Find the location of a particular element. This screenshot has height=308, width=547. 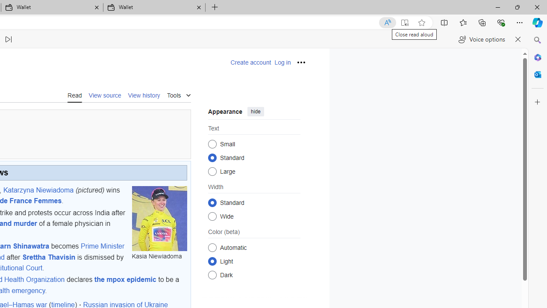

'Small' is located at coordinates (212, 143).